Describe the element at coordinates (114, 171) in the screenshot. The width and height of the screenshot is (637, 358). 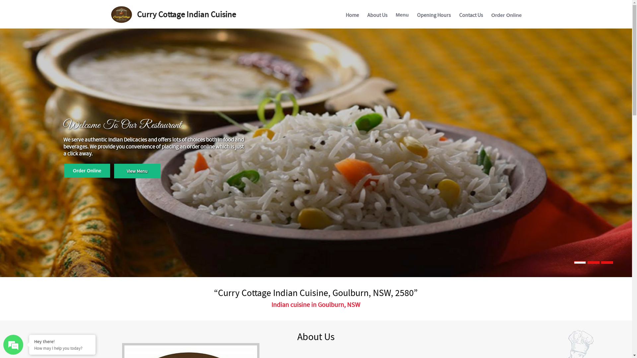
I see `'View Menu'` at that location.